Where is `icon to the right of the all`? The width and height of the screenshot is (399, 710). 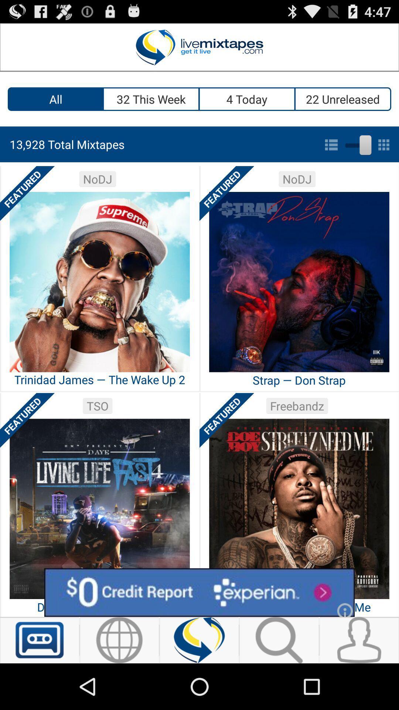
icon to the right of the all is located at coordinates (151, 99).